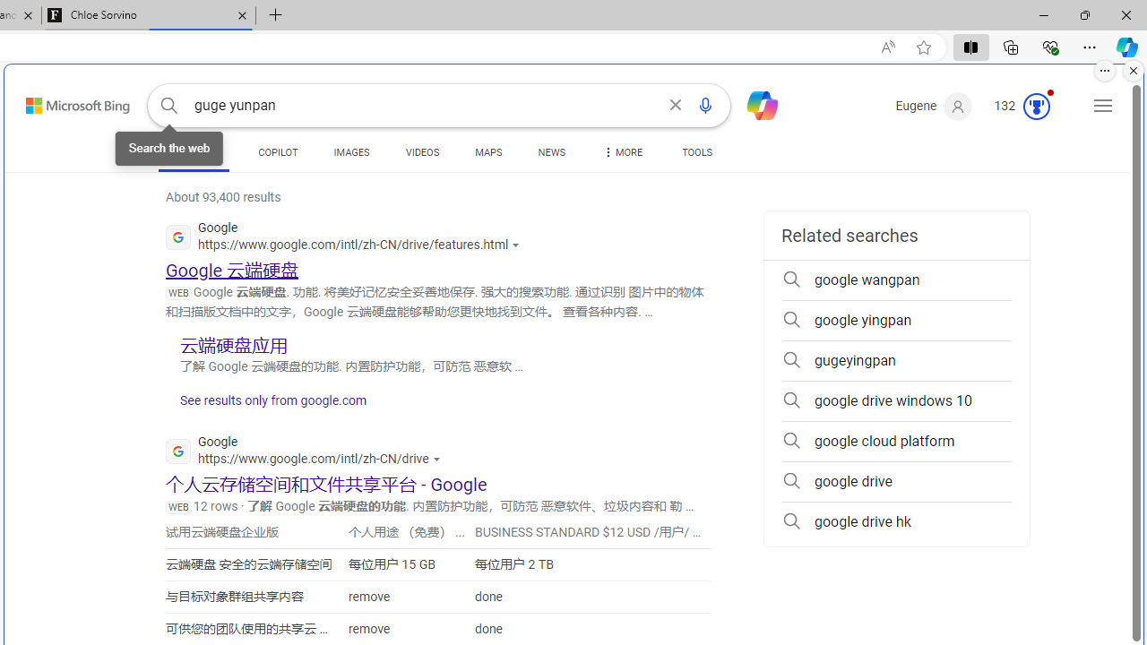 This screenshot has height=645, width=1147. Describe the element at coordinates (421, 154) in the screenshot. I see `'VIDEOS'` at that location.